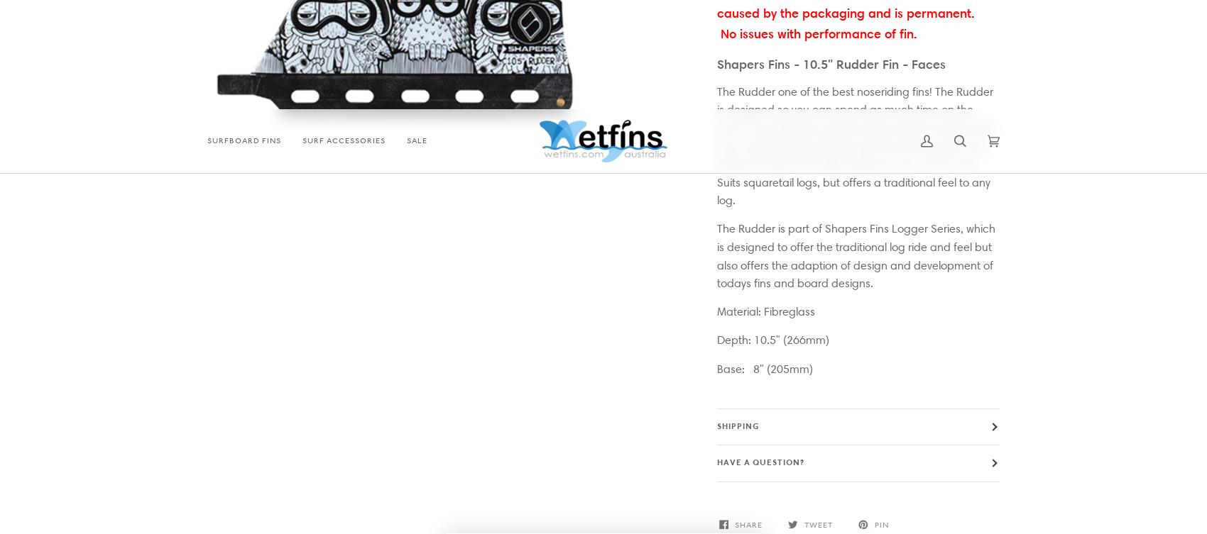  Describe the element at coordinates (584, 462) in the screenshot. I see `'BND $'` at that location.